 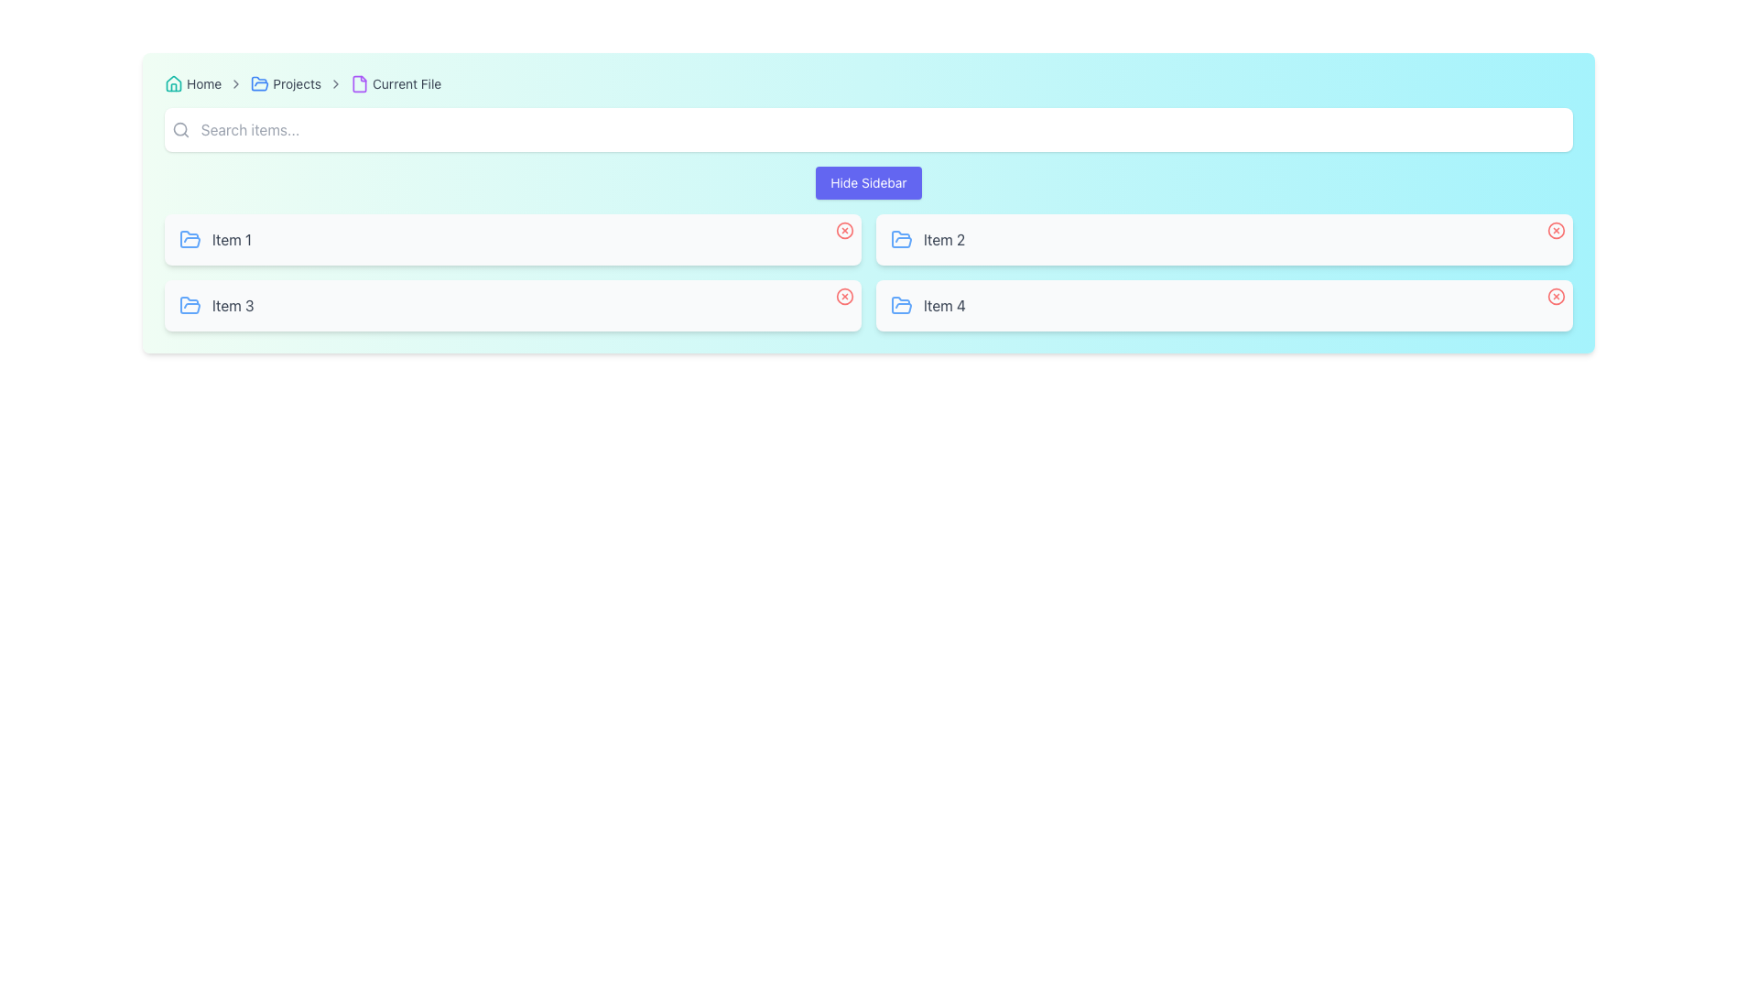 I want to click on the purple document icon located in the breadcrumb navigation bar, positioned between the 'Projects' icon and 'Current File' text, so click(x=360, y=84).